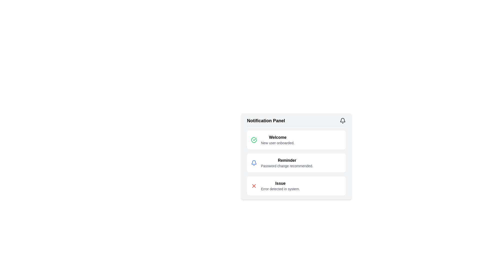  Describe the element at coordinates (296, 186) in the screenshot. I see `the third notification in the Notification Panel that highlights an issue or error` at that location.